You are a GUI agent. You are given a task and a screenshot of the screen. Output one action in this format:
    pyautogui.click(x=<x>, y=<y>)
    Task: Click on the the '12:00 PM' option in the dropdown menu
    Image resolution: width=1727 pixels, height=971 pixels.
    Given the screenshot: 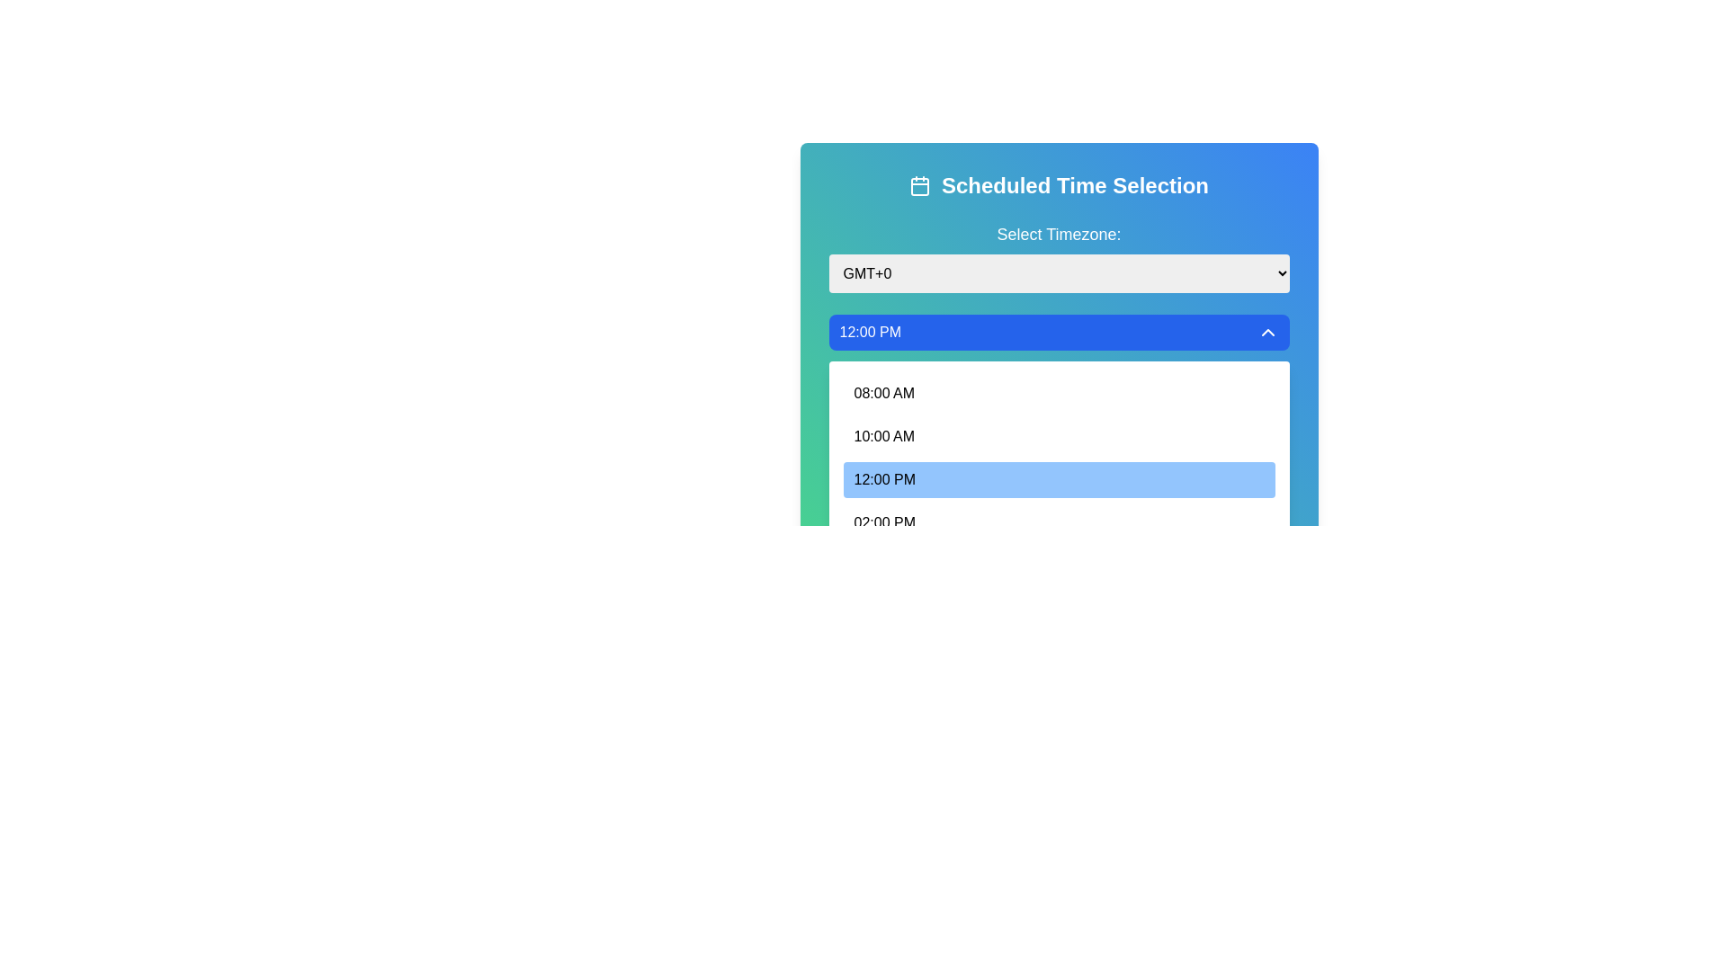 What is the action you would take?
    pyautogui.click(x=1059, y=478)
    